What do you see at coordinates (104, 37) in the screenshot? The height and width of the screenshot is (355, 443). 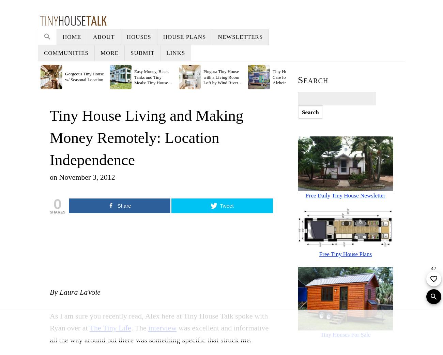 I see `'About'` at bounding box center [104, 37].